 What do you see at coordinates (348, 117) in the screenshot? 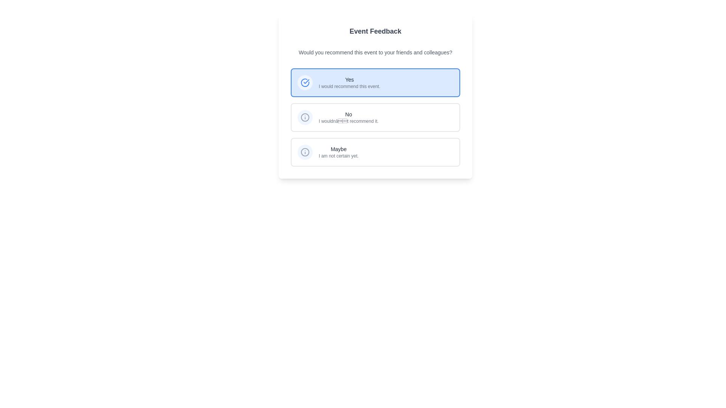
I see `the 'No' text button in the feedback form` at bounding box center [348, 117].